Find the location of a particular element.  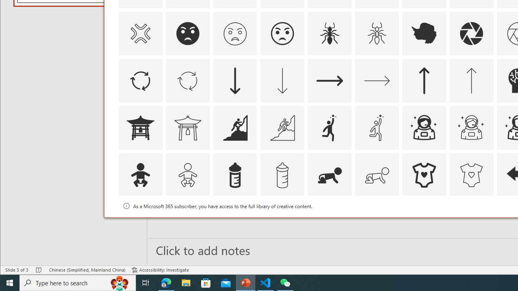

'Start' is located at coordinates (10, 282).